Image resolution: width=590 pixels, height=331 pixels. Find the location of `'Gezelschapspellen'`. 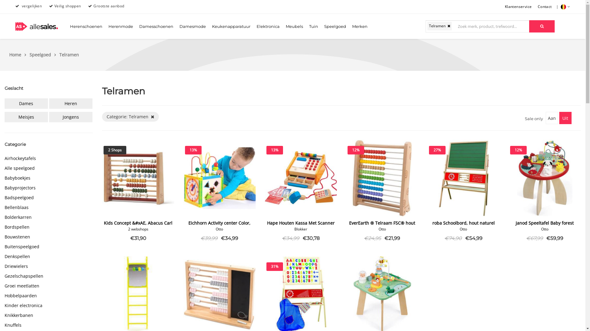

'Gezelschapspellen' is located at coordinates (48, 276).